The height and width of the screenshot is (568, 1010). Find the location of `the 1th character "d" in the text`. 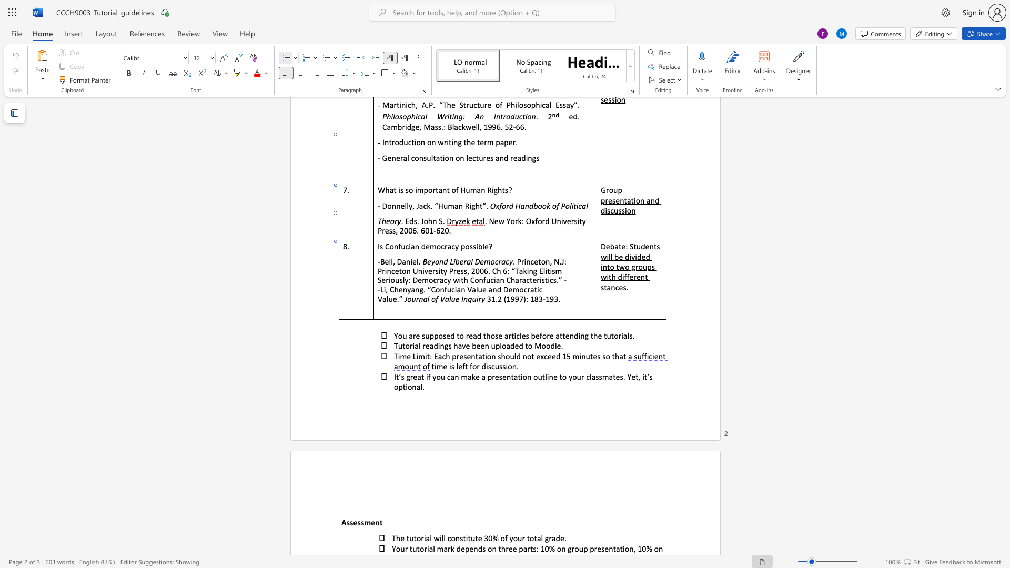

the 1th character "d" in the text is located at coordinates (483, 366).